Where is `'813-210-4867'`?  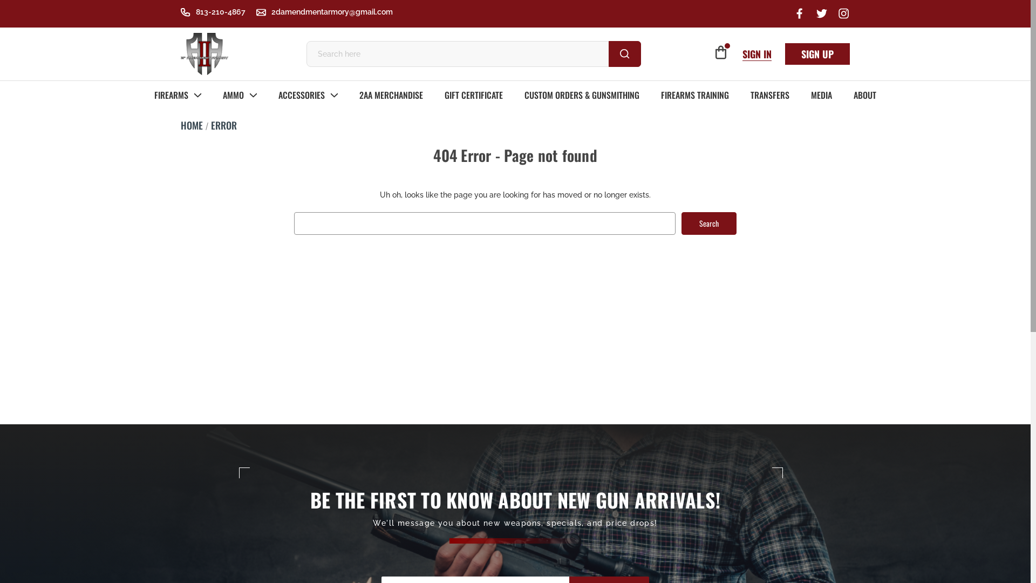
'813-210-4867' is located at coordinates (181, 12).